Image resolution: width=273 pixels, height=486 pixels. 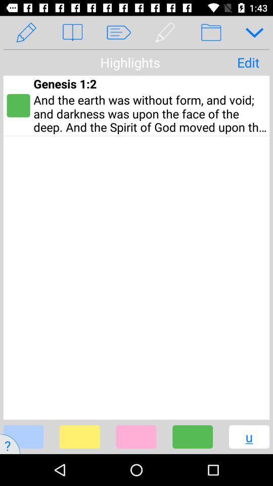 I want to click on the edit icon, so click(x=165, y=32).